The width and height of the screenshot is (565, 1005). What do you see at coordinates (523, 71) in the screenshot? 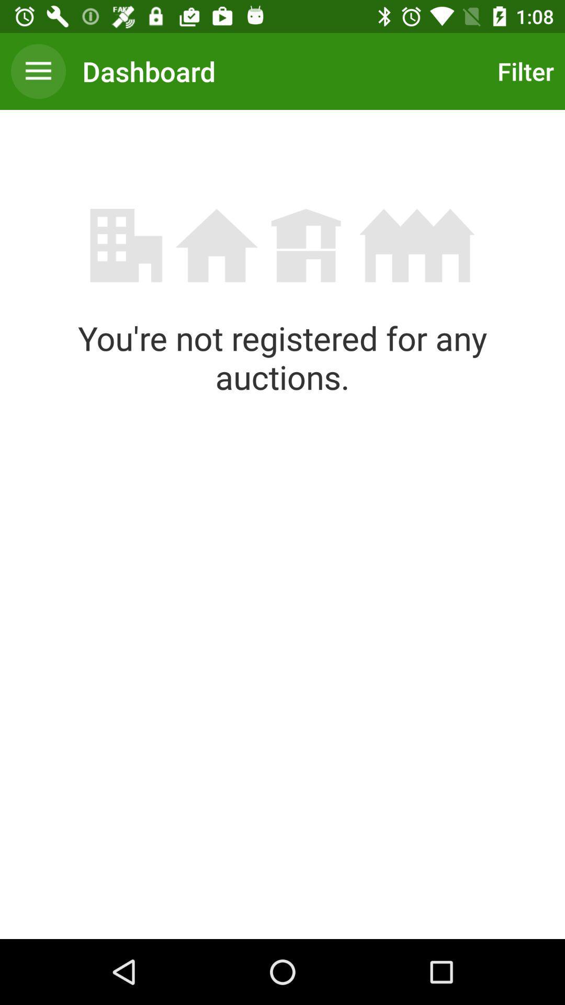
I see `the app next to dashboard item` at bounding box center [523, 71].